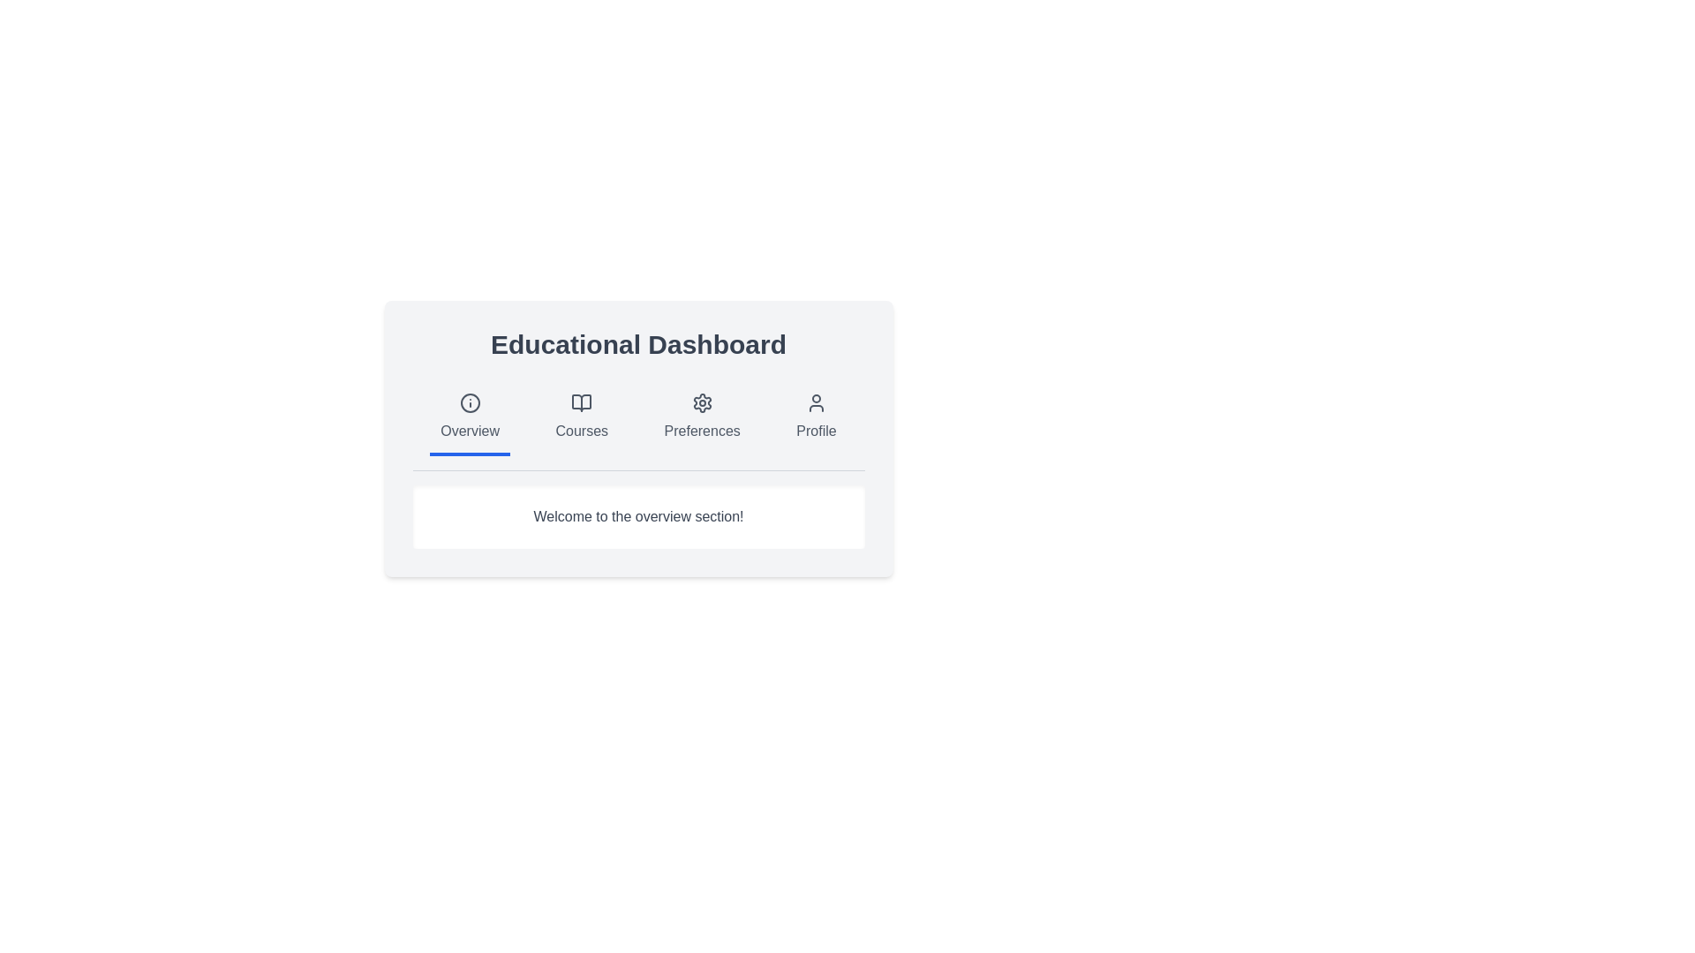 The height and width of the screenshot is (953, 1695). Describe the element at coordinates (816, 418) in the screenshot. I see `the 'Profile' interactive menu item` at that location.